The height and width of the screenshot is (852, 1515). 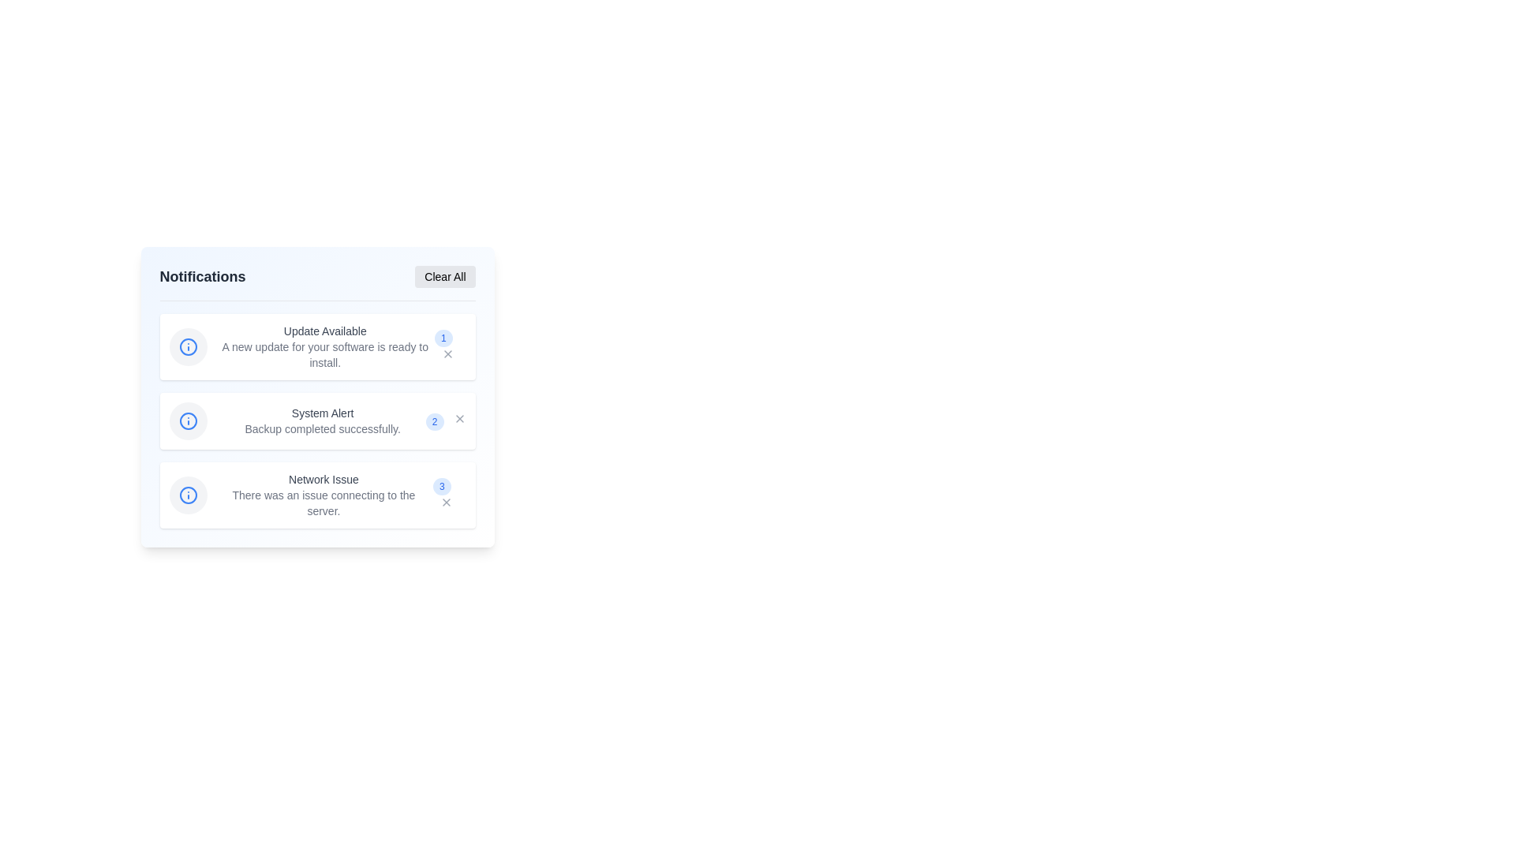 I want to click on the 'Network Issue' static text label, which is styled in gray and serves as the header of a notification entry, positioned within the third notification box above the description 'There was an issue connecting to the server.', so click(x=323, y=479).